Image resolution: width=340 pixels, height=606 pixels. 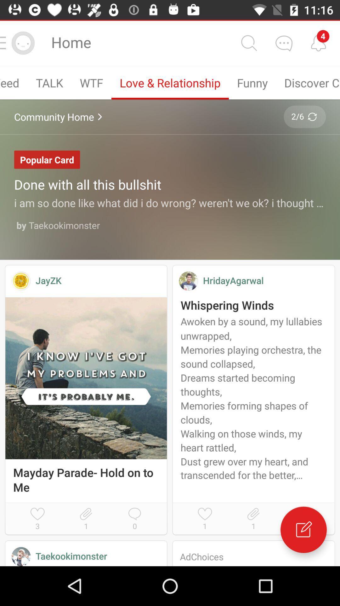 I want to click on tap for notification, so click(x=318, y=43).